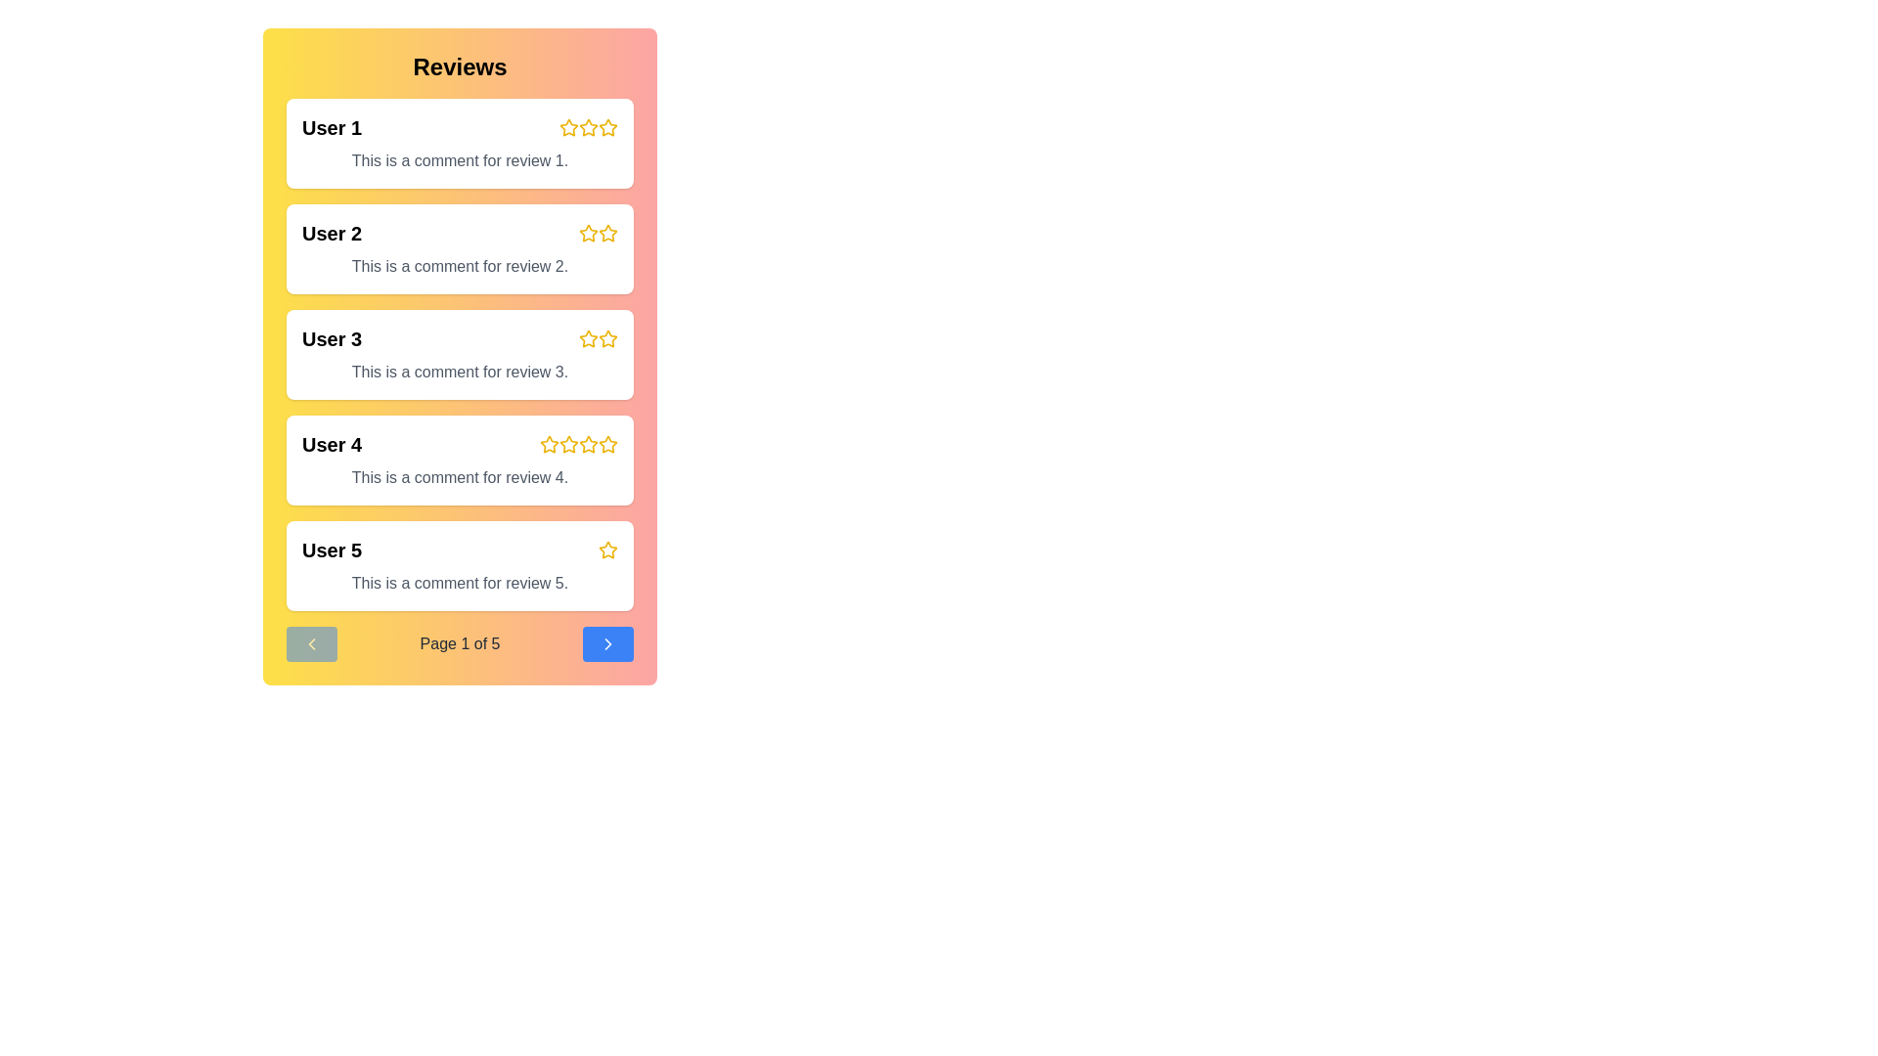 The height and width of the screenshot is (1056, 1878). I want to click on the second star icon in the 5-star rating system located to the right of the comment by 'User 2' to provide a rating, so click(587, 233).